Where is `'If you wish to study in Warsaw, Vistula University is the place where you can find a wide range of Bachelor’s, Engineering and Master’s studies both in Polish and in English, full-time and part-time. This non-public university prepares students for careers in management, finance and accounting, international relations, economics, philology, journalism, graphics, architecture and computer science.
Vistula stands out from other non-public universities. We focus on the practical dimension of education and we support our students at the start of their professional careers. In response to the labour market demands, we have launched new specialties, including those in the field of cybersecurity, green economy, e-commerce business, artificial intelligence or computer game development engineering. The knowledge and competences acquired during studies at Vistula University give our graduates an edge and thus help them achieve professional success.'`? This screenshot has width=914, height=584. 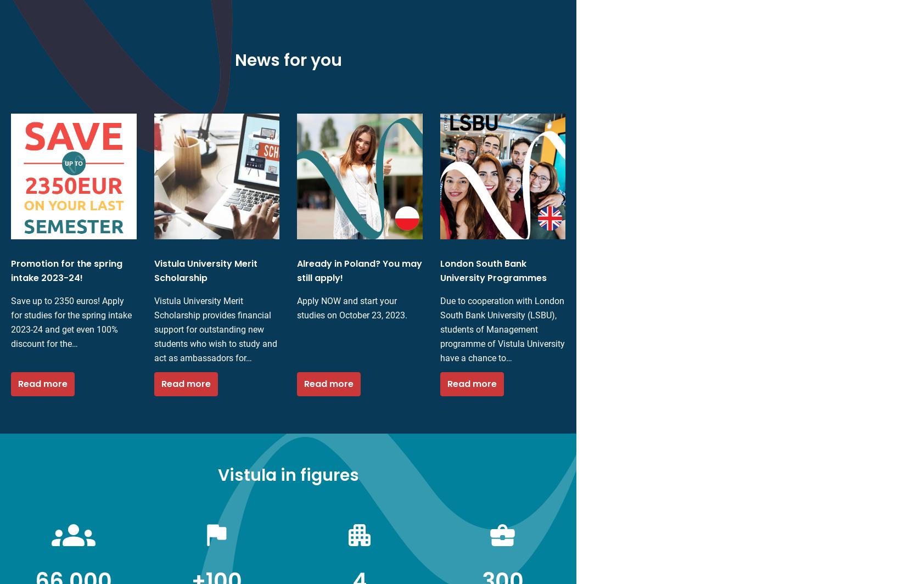
'If you wish to study in Warsaw, Vistula University is the place where you can find a wide range of Bachelor’s, Engineering and Master’s studies both in Polish and in English, full-time and part-time. This non-public university prepares students for careers in management, finance and accounting, international relations, economics, philology, journalism, graphics, architecture and computer science.
Vistula stands out from other non-public universities. We focus on the practical dimension of education and we support our students at the start of their professional careers. In response to the labour market demands, we have launched new specialties, including those in the field of cybersecurity, green economy, e-commerce business, artificial intelligence or computer game development engineering. The knowledge and competences acquired during studies at Vistula University give our graduates an edge and thus help them achieve professional success.' is located at coordinates (149, 122).